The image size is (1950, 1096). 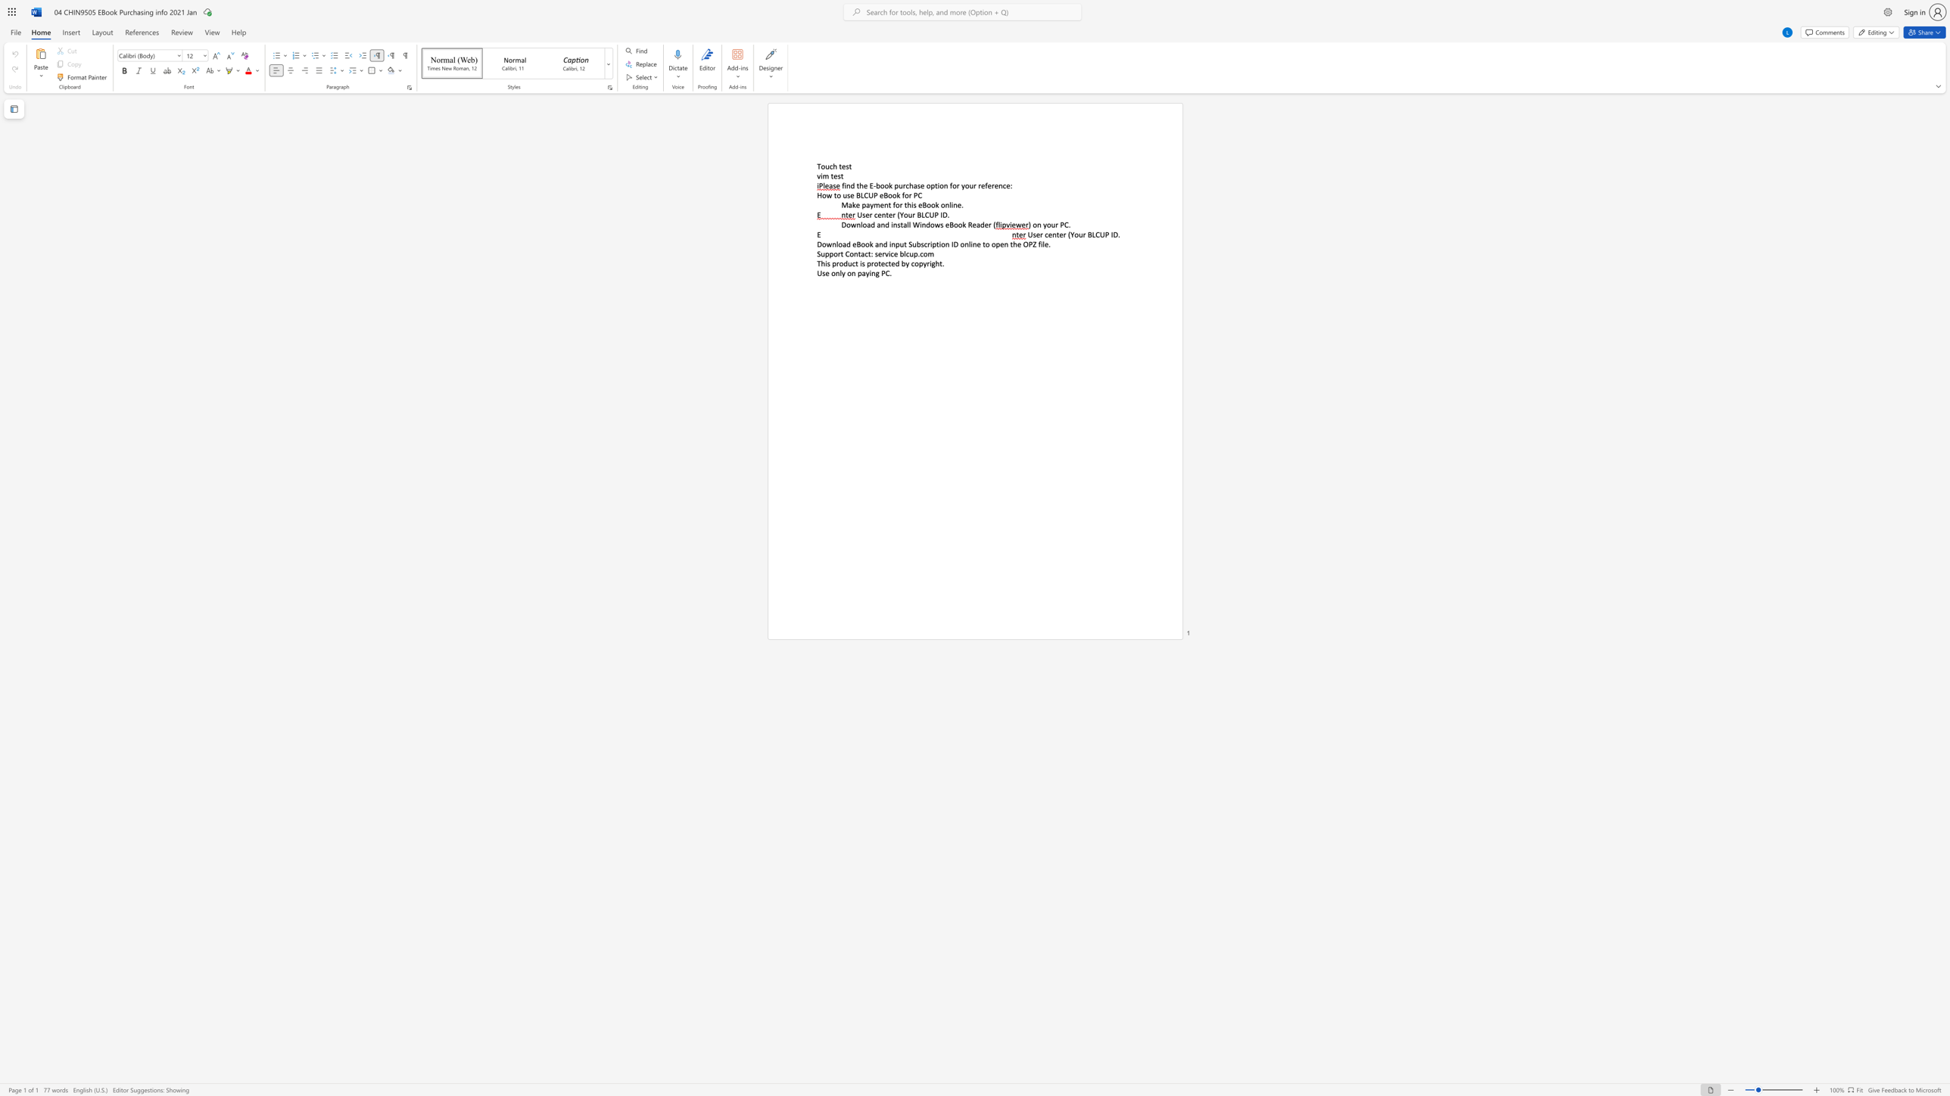 What do you see at coordinates (855, 195) in the screenshot?
I see `the subset text "BLCUP eBo" within the text "How to use BLCUP eBook for PC"` at bounding box center [855, 195].